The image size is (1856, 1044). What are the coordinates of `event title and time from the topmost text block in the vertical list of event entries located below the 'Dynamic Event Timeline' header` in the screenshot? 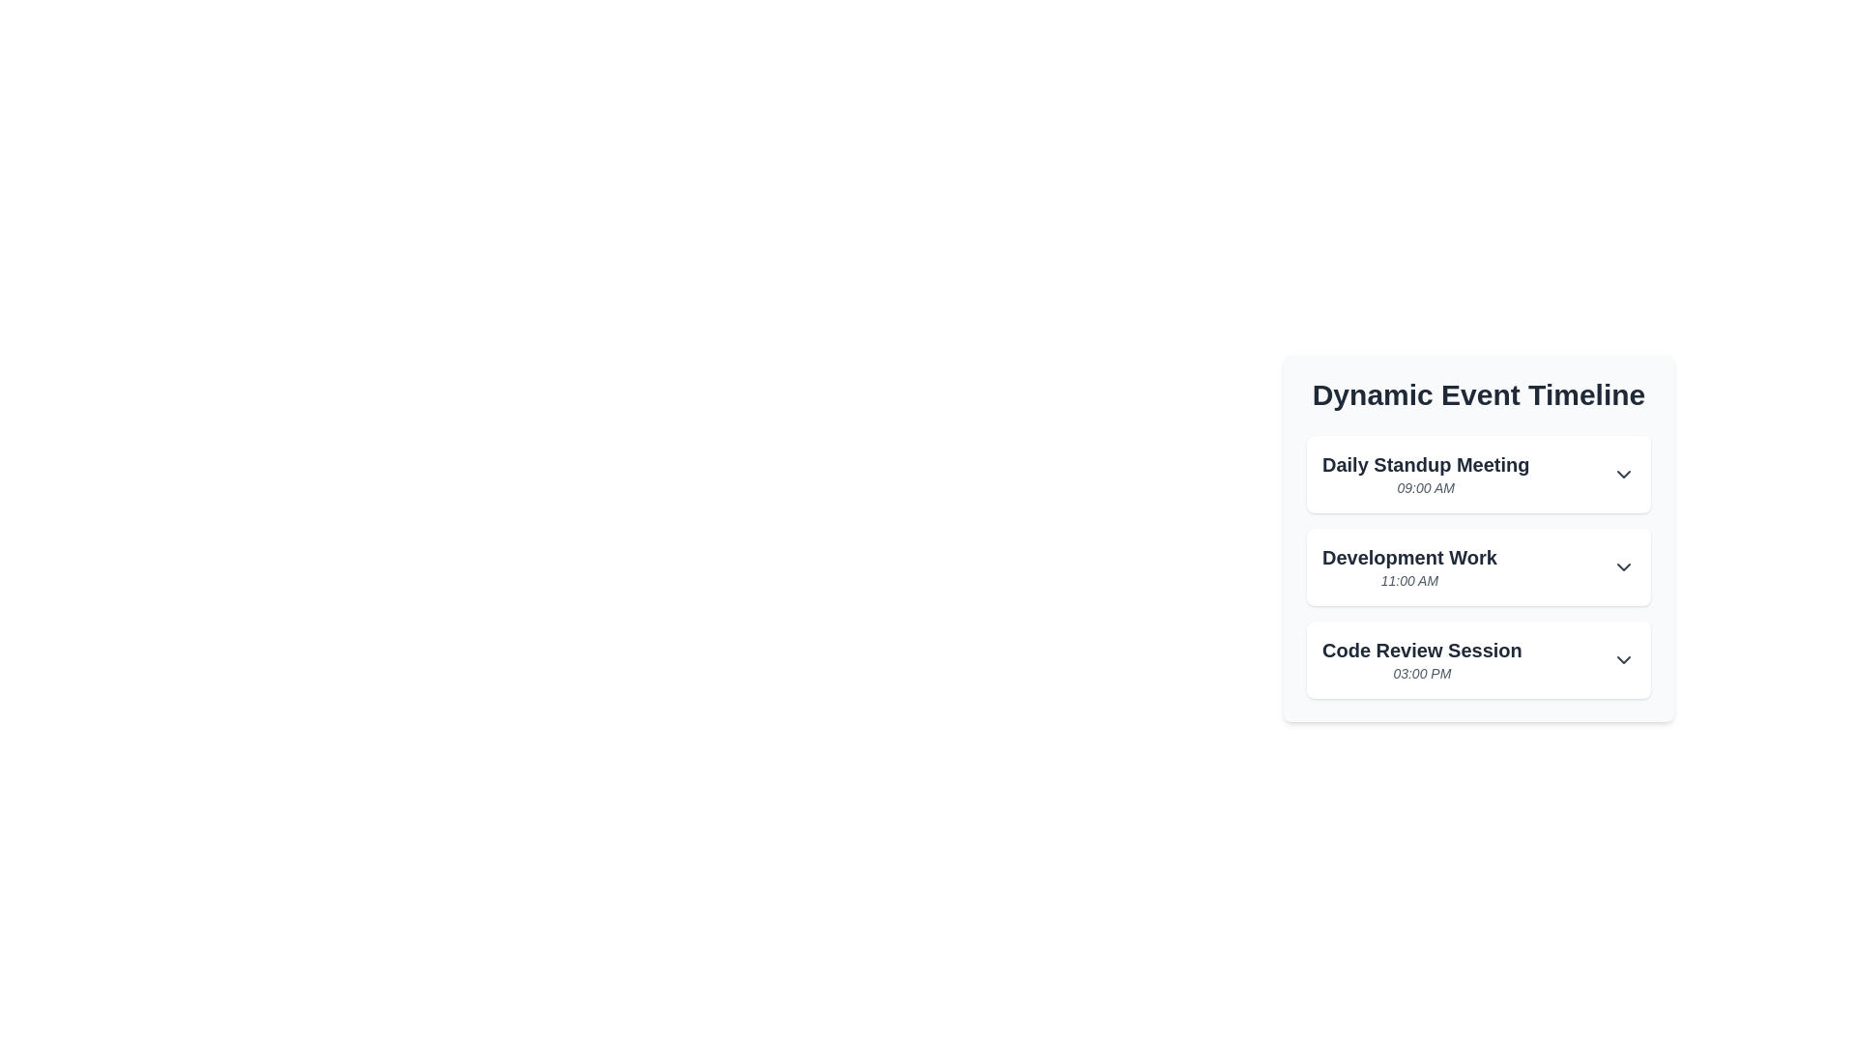 It's located at (1478, 474).